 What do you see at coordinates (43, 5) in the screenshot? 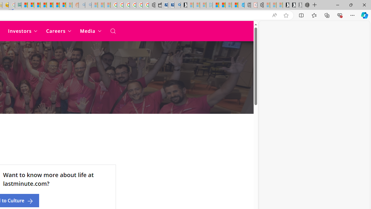
I see `'Student Loan Update: Forgiveness Program Ends This Month'` at bounding box center [43, 5].